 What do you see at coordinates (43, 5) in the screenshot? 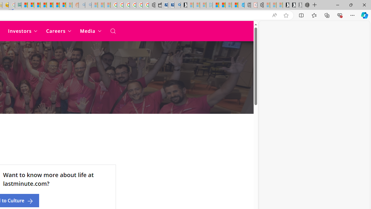
I see `'Student Loan Update: Forgiveness Program Ends This Month'` at bounding box center [43, 5].